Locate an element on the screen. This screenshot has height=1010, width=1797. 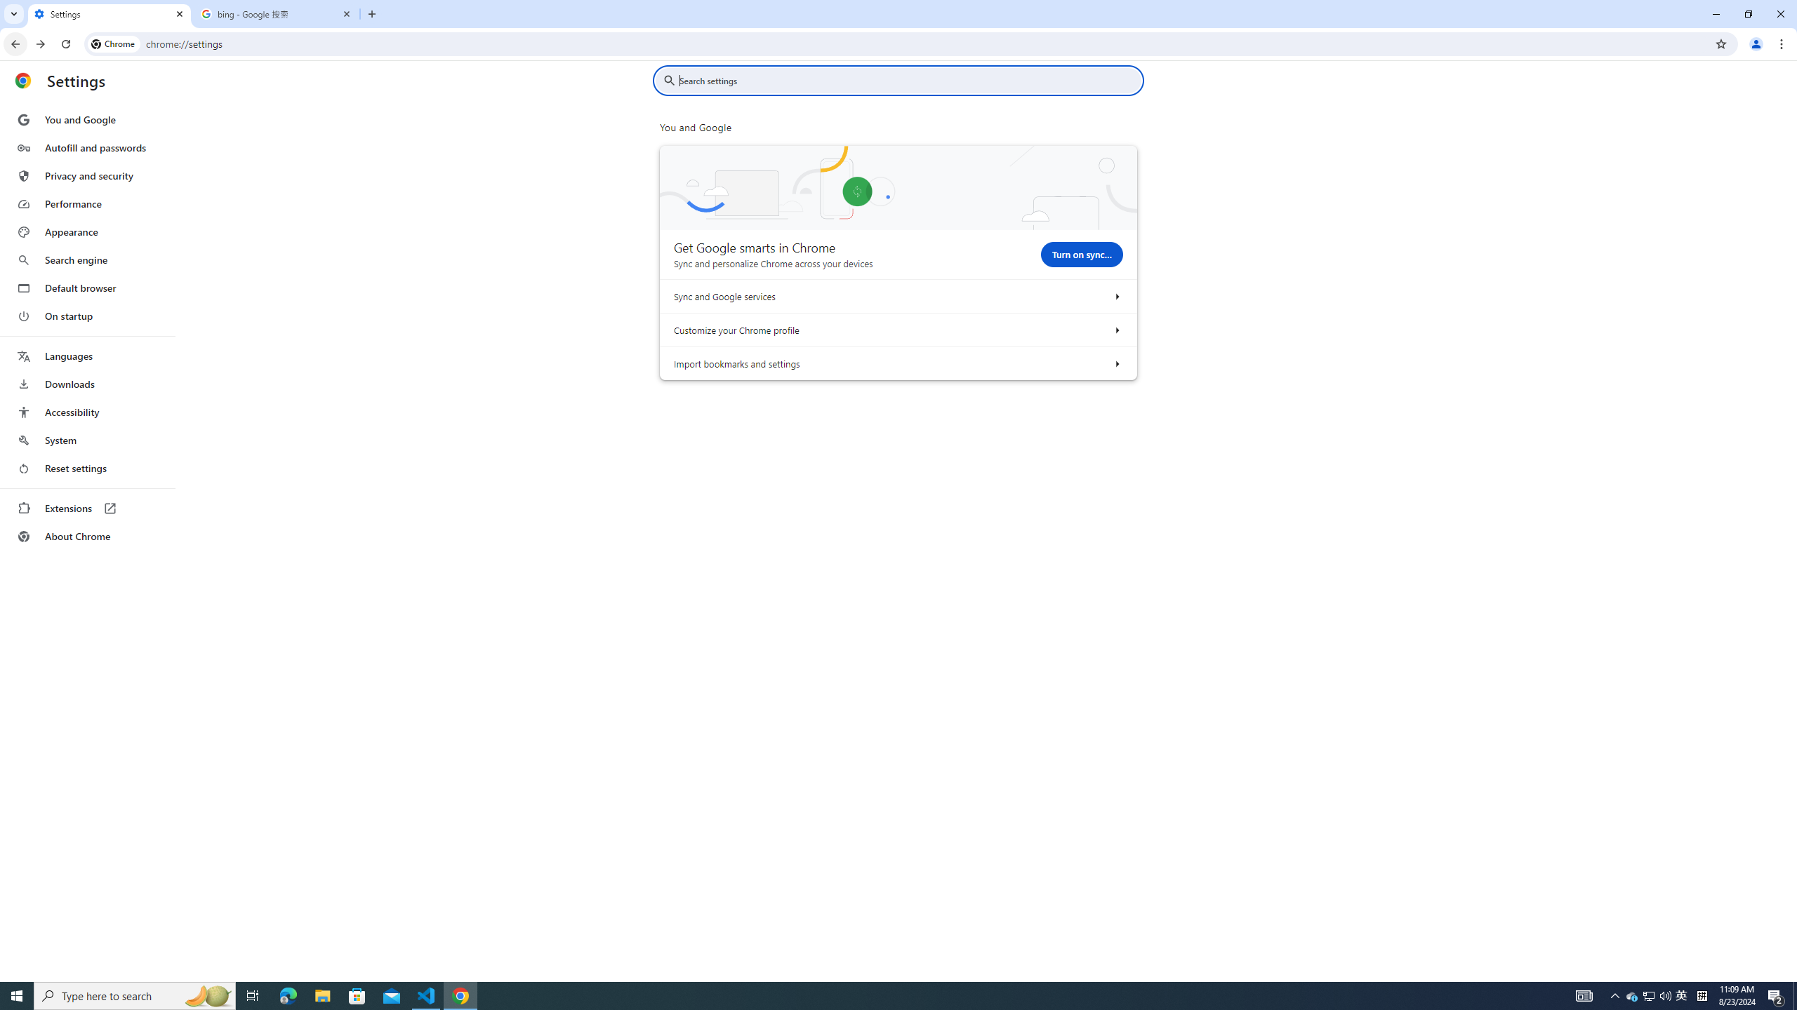
'Search settings' is located at coordinates (908, 80).